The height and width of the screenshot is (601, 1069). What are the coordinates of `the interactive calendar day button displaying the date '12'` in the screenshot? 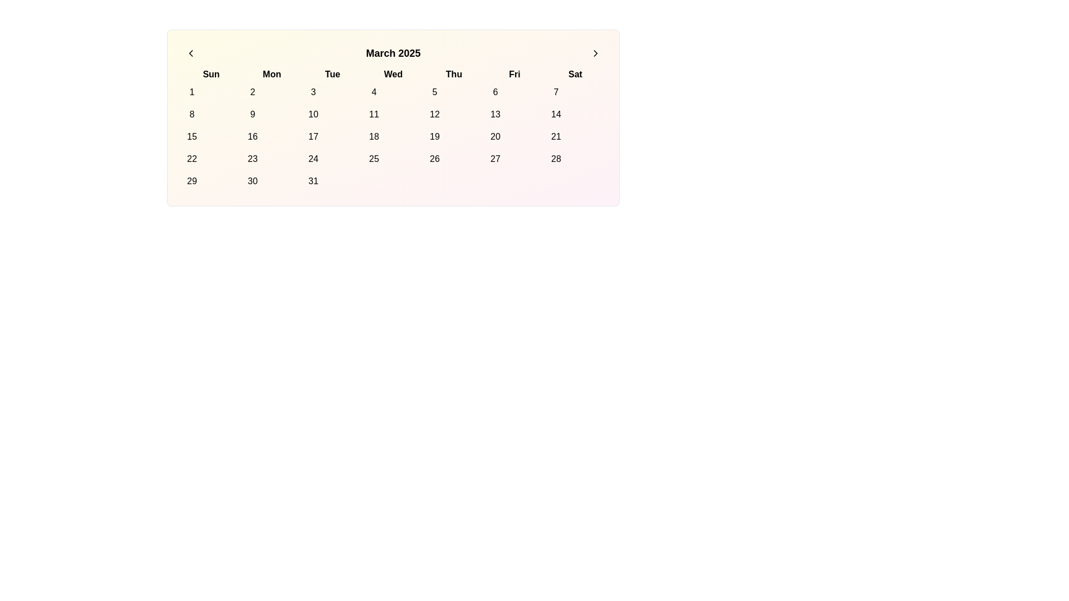 It's located at (434, 114).